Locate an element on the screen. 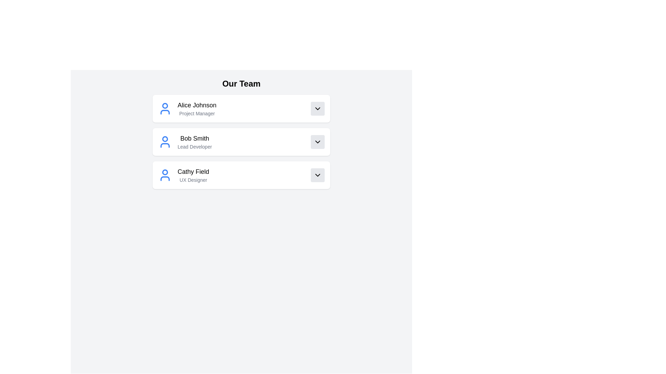  the heading text 'Our Team' located at the top-center of the interface is located at coordinates (241, 83).